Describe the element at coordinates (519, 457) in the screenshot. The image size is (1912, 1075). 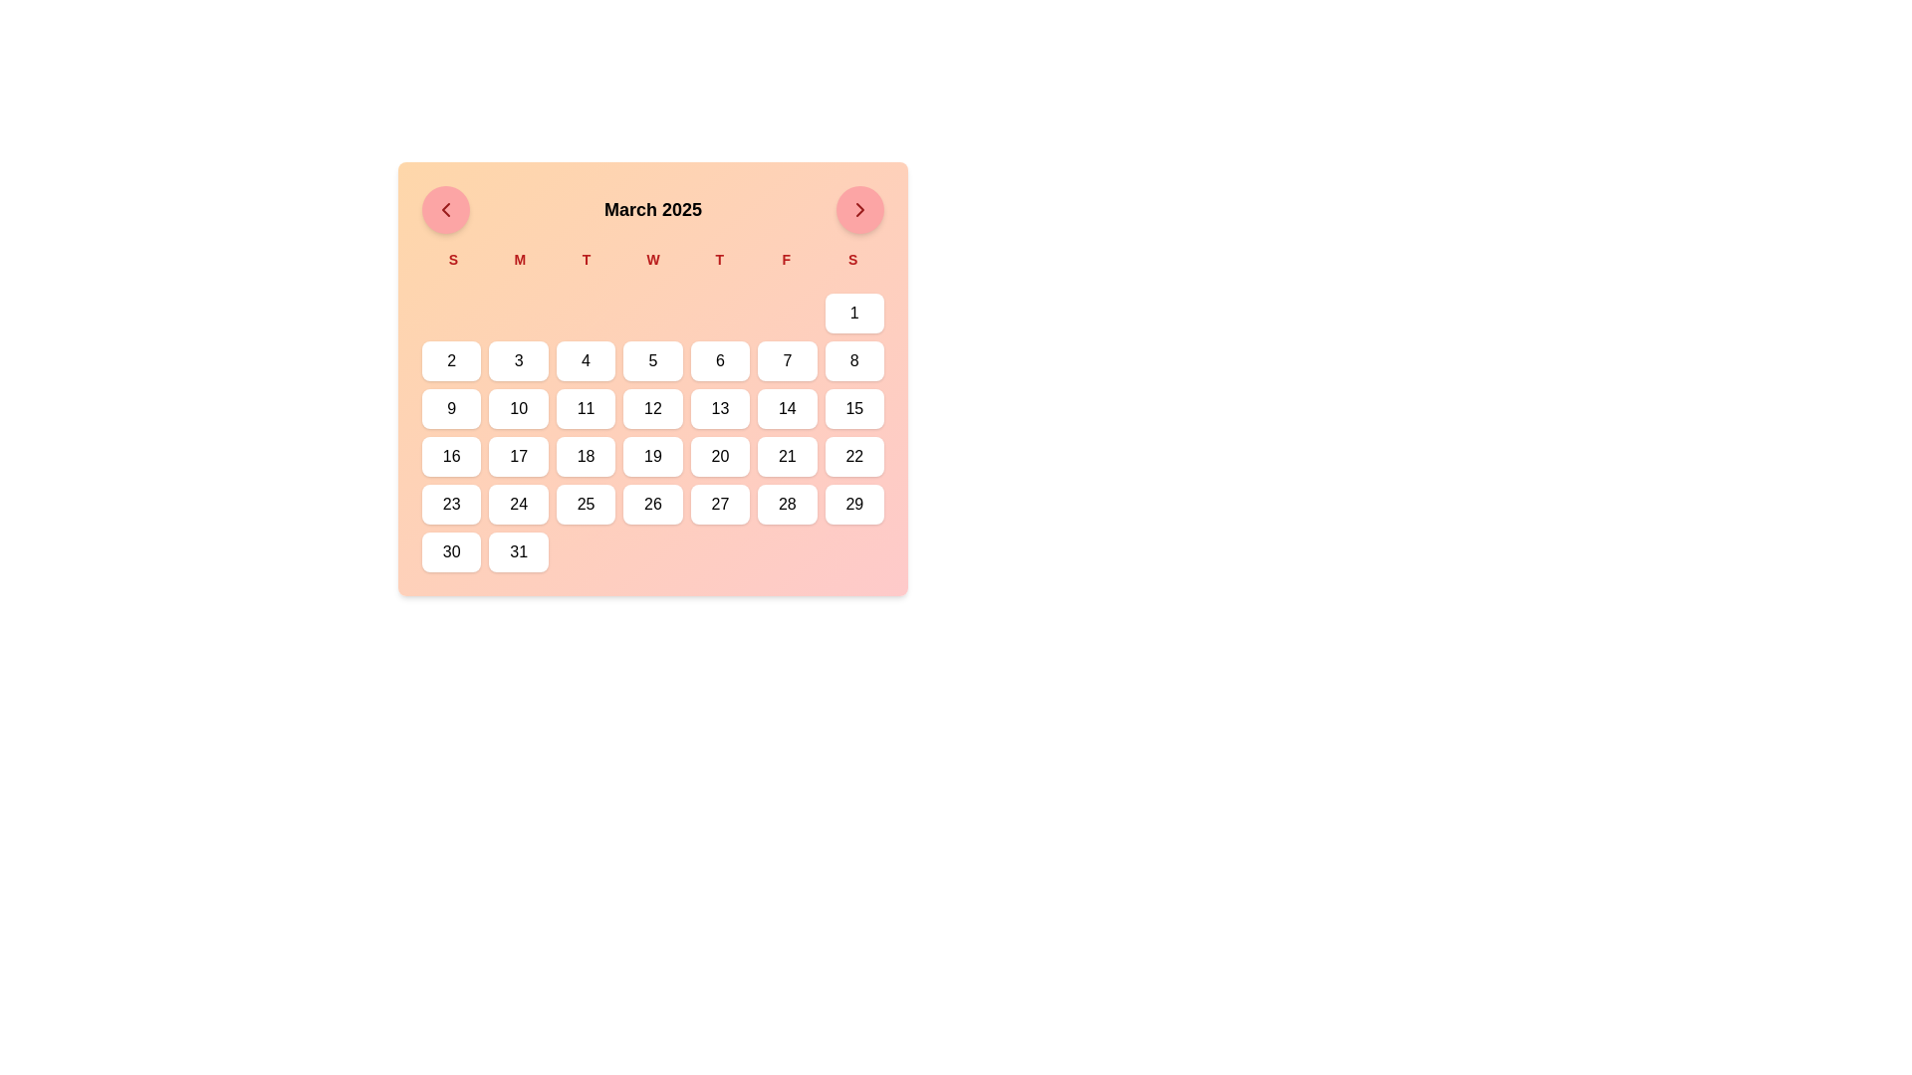
I see `the square-shaped button with a white background and the text '17' centered in black` at that location.